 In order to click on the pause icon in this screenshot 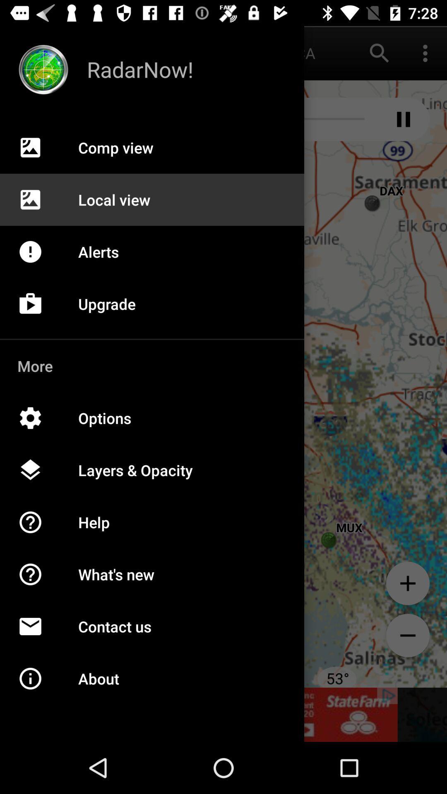, I will do `click(403, 119)`.